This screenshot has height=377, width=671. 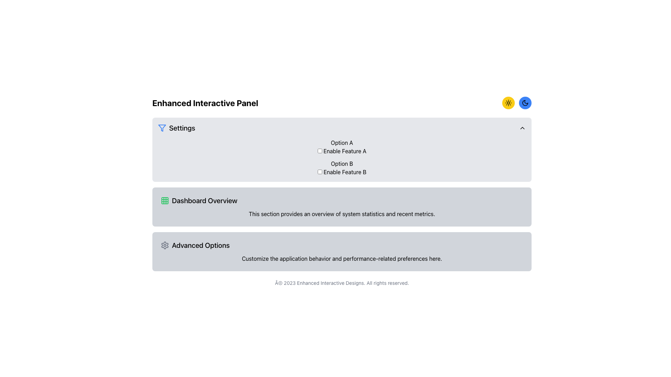 What do you see at coordinates (162, 128) in the screenshot?
I see `the blue funnel-shaped 'Filter' icon located at the top-right of the 'Settings' section` at bounding box center [162, 128].